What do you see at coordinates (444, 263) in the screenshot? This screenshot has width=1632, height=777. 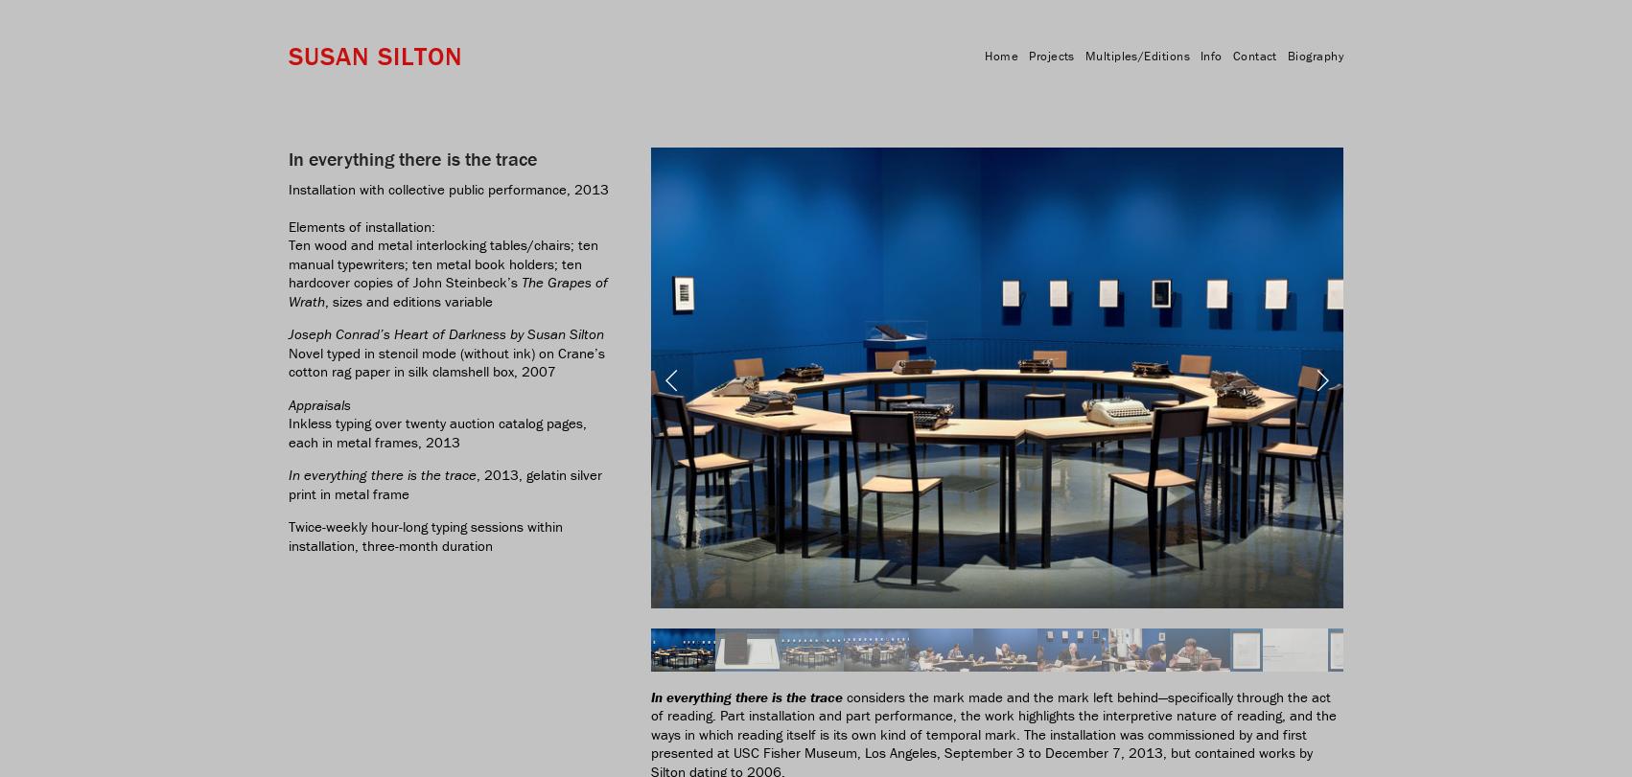 I see `'Ten wood and metal interlocking tables/chairs; ten manual typewriters; ten metal book holders; ten hardcover copies of John Steinbeck’s'` at bounding box center [444, 263].